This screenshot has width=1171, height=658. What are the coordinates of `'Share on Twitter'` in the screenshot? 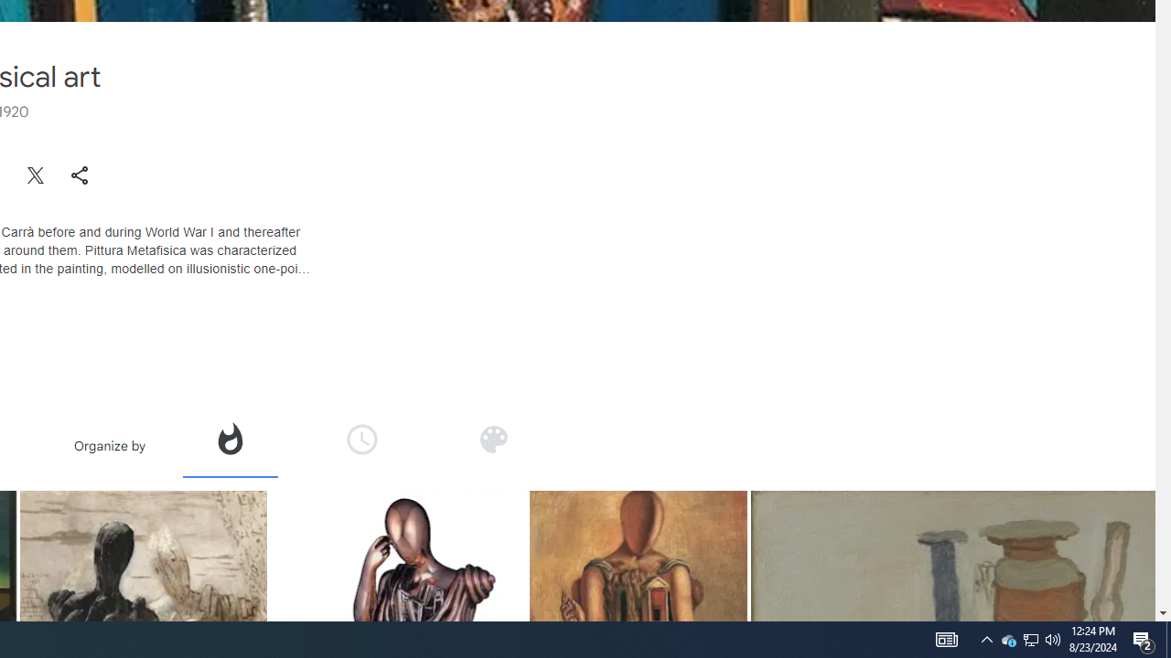 It's located at (36, 175).